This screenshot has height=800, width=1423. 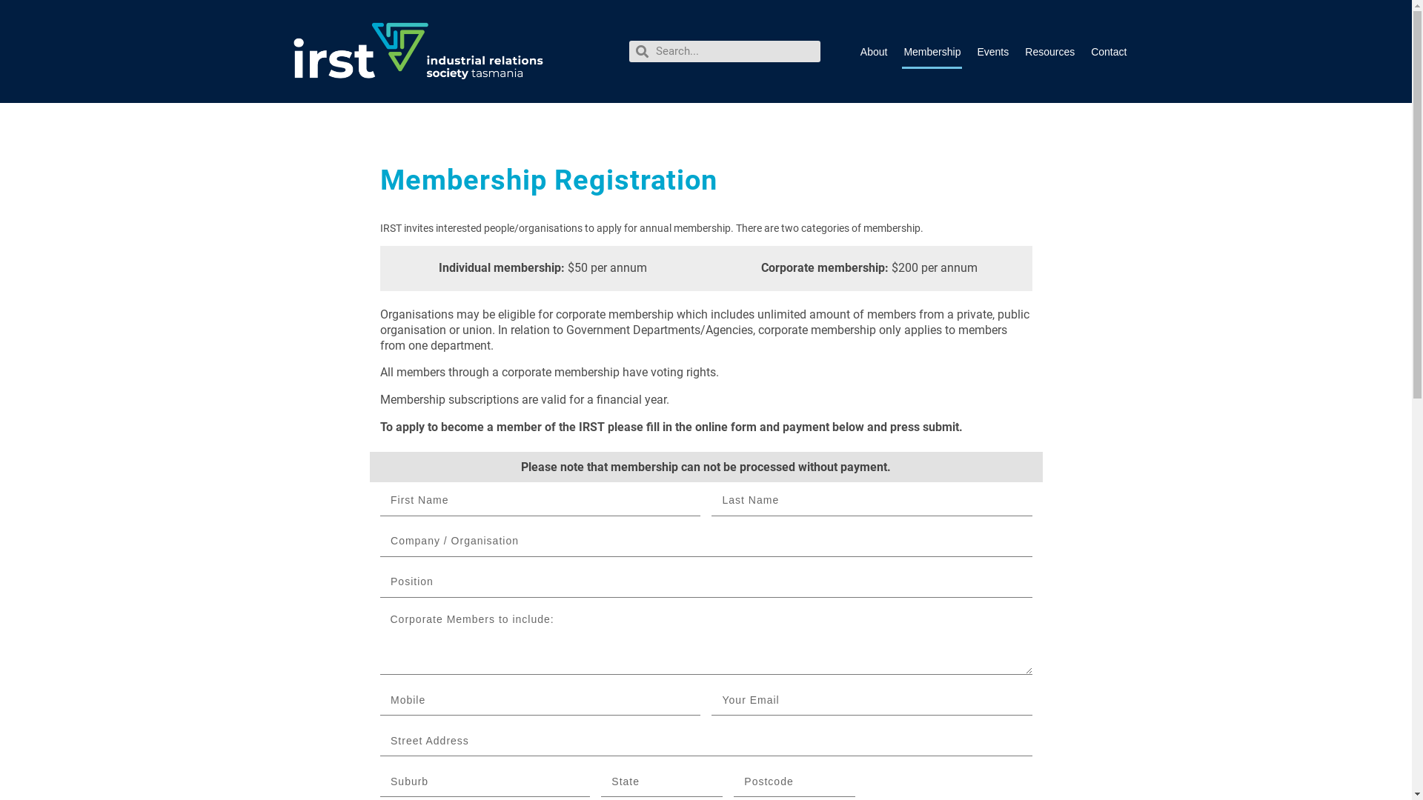 What do you see at coordinates (1109, 50) in the screenshot?
I see `'Contact'` at bounding box center [1109, 50].